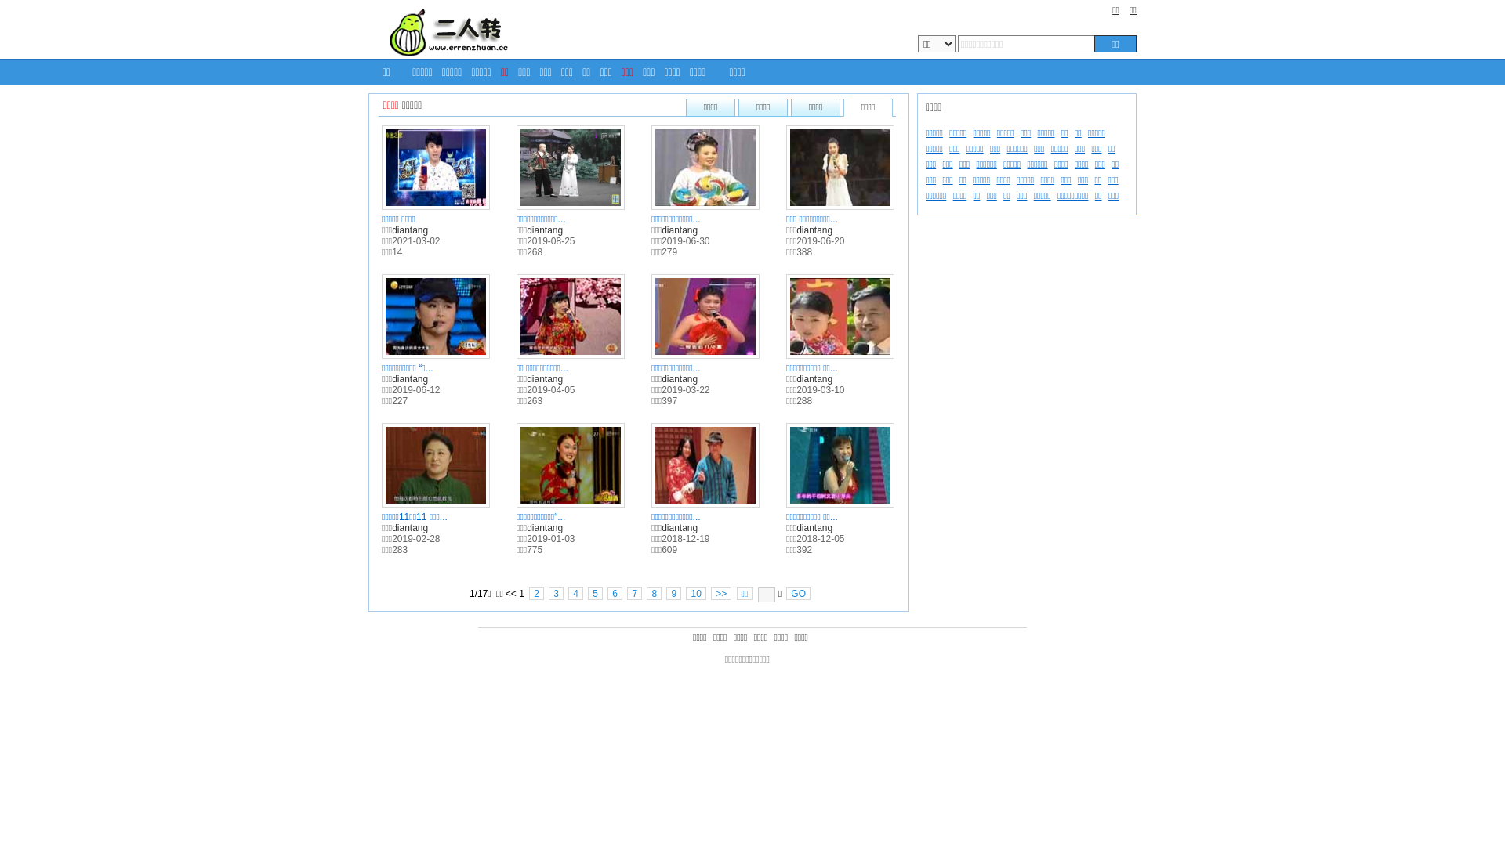 Image resolution: width=1505 pixels, height=846 pixels. Describe the element at coordinates (654, 594) in the screenshot. I see `'8'` at that location.